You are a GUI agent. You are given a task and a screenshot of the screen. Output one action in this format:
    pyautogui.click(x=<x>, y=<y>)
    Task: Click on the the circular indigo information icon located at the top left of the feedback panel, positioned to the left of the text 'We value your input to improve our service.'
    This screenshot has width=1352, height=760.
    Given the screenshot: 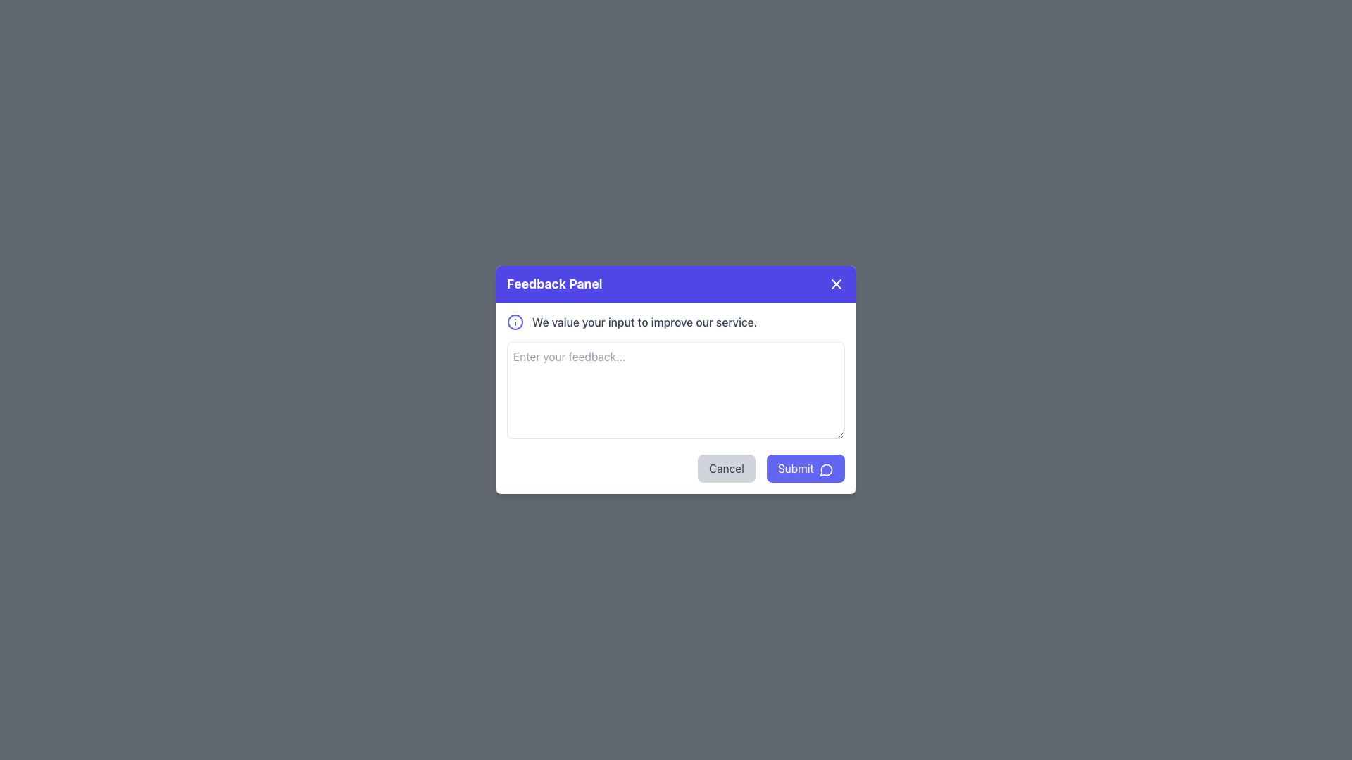 What is the action you would take?
    pyautogui.click(x=514, y=322)
    